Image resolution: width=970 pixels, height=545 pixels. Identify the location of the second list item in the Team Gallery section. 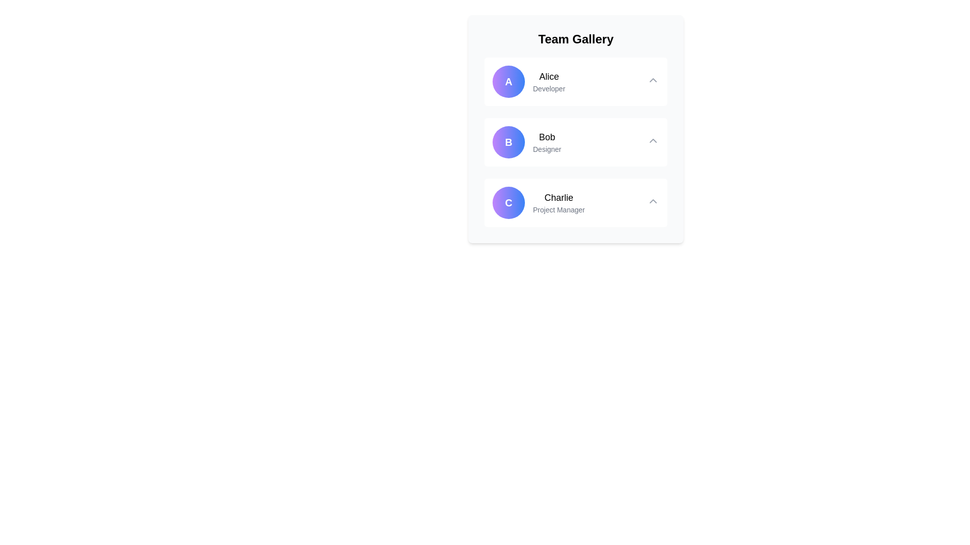
(576, 142).